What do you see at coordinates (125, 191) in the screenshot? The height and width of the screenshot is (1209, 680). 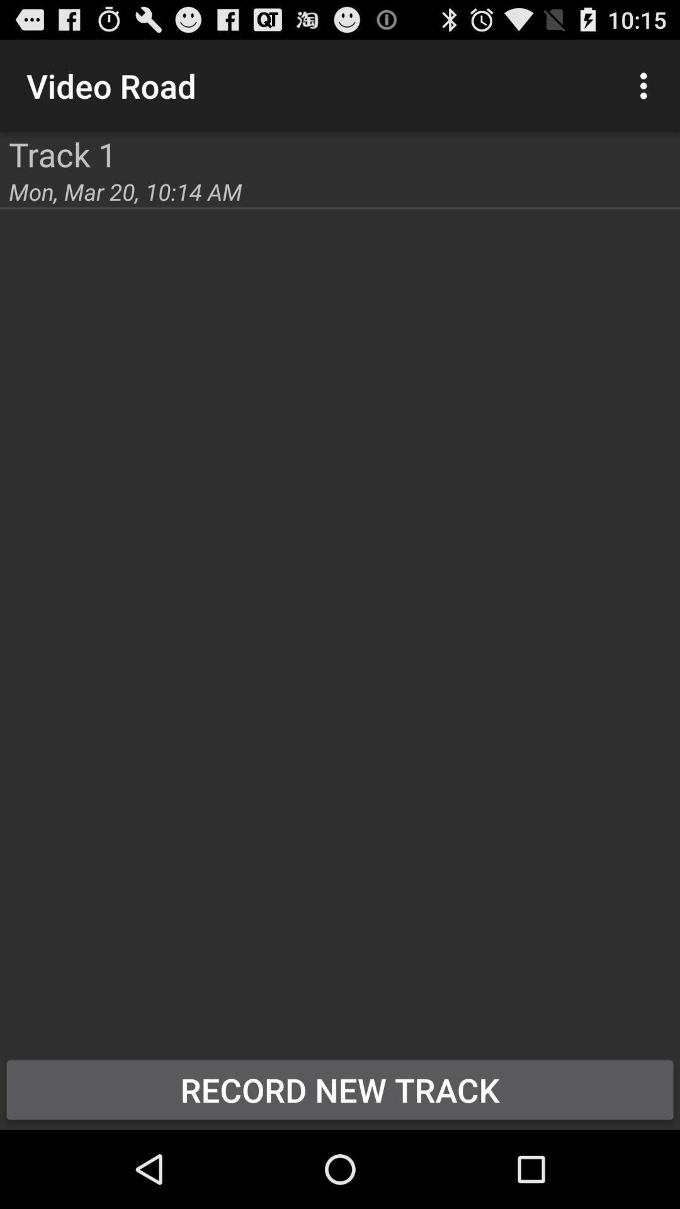 I see `mon mar 20 item` at bounding box center [125, 191].